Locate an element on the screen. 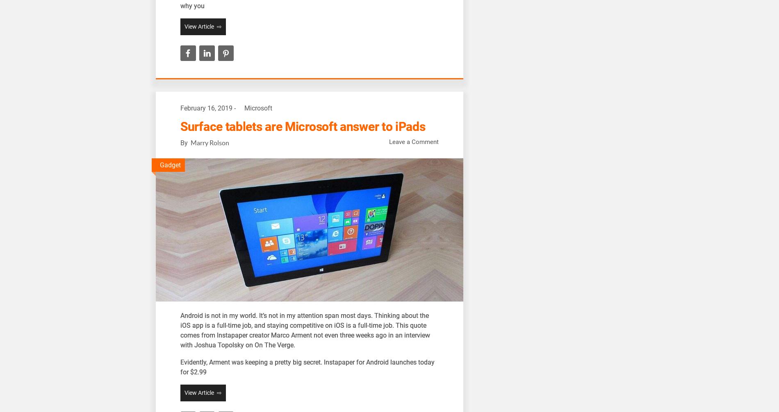  'Leave a Comment' is located at coordinates (389, 142).